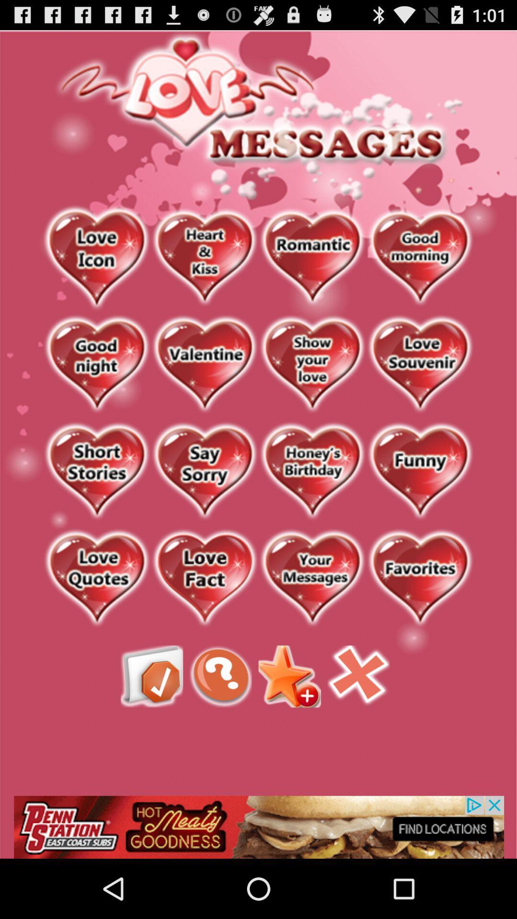 Image resolution: width=517 pixels, height=919 pixels. What do you see at coordinates (258, 827) in the screenshot?
I see `advertisement` at bounding box center [258, 827].